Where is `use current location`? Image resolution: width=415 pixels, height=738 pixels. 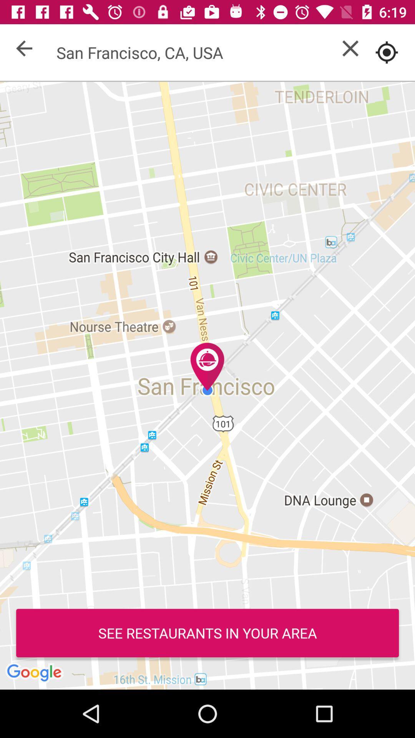
use current location is located at coordinates (387, 52).